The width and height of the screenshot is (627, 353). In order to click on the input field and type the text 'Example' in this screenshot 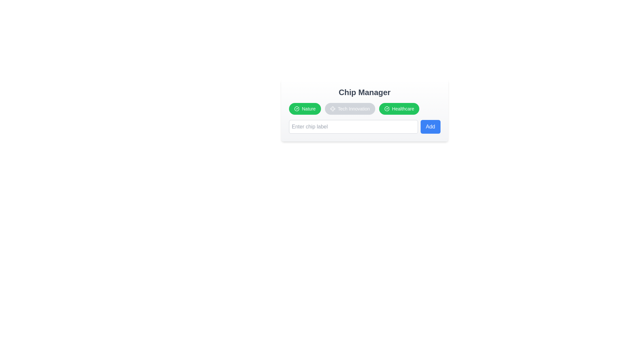, I will do `click(353, 127)`.